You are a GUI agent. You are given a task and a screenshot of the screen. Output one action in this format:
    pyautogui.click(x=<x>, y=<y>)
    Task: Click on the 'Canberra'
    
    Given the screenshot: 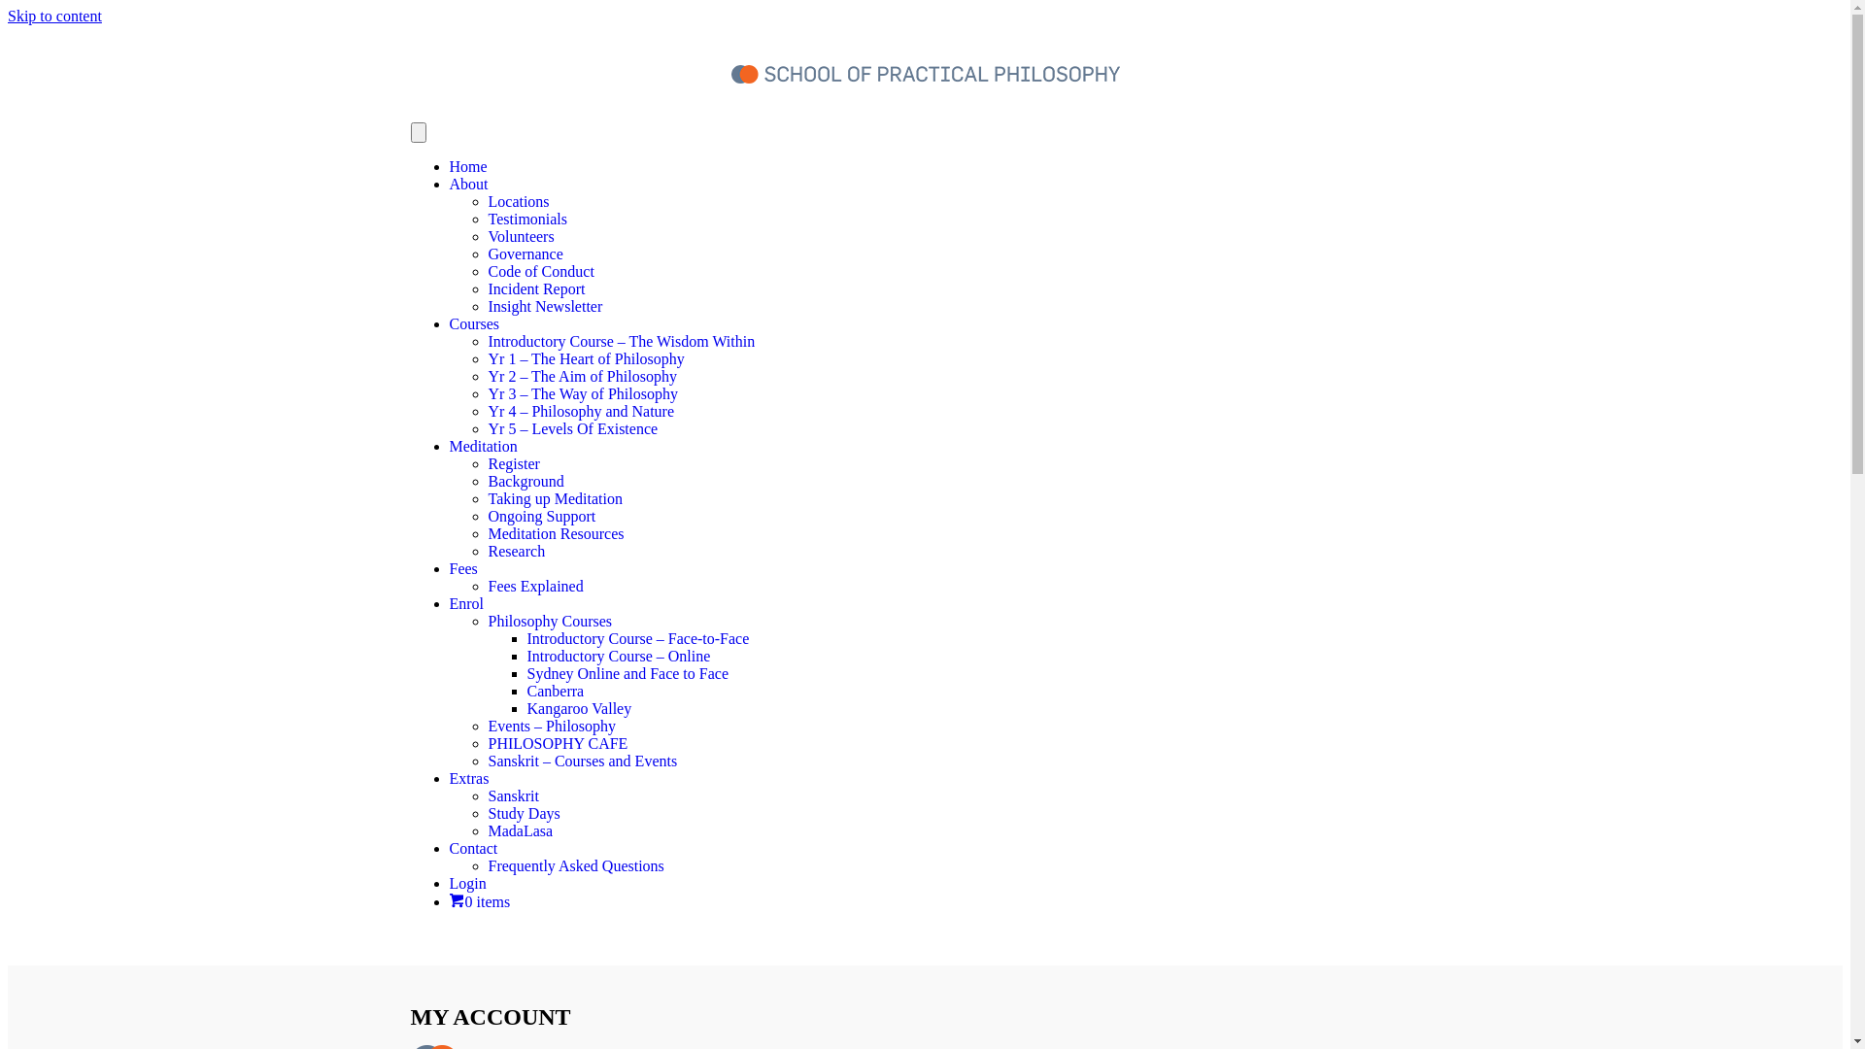 What is the action you would take?
    pyautogui.click(x=554, y=690)
    